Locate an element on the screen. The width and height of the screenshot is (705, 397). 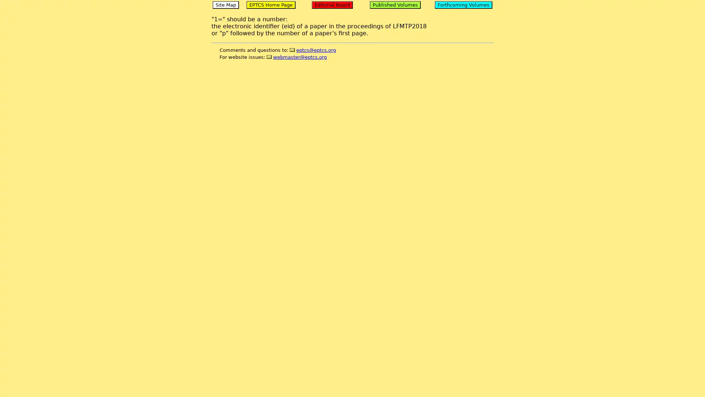
Published Volumes is located at coordinates (395, 5).